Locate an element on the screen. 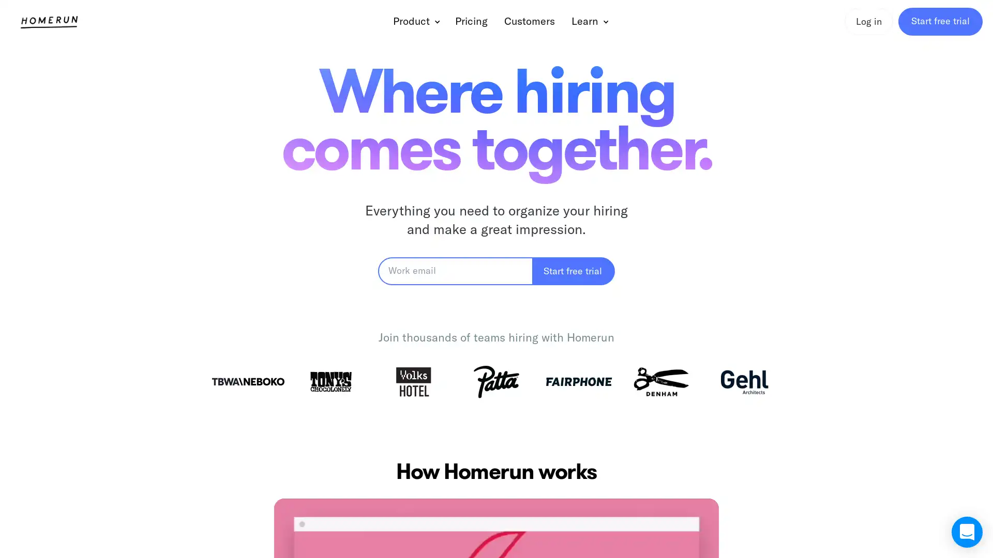  Open Intercom Messenger is located at coordinates (967, 532).